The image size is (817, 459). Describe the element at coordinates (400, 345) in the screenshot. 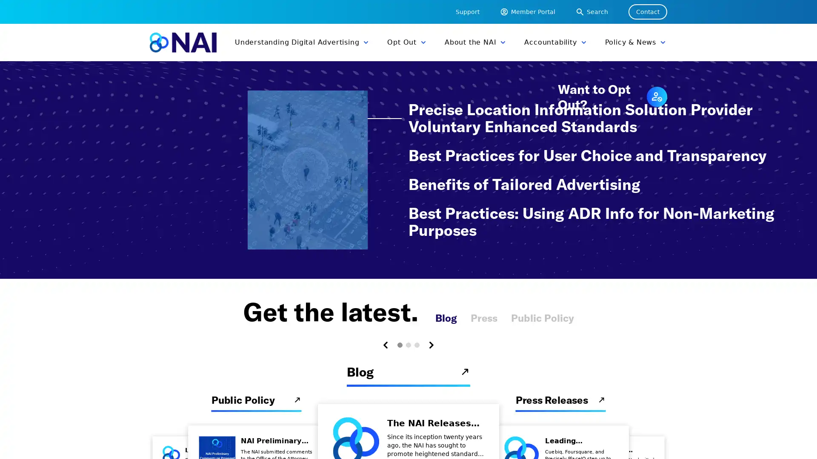

I see `Carousel Page 1 (Current Slide)` at that location.